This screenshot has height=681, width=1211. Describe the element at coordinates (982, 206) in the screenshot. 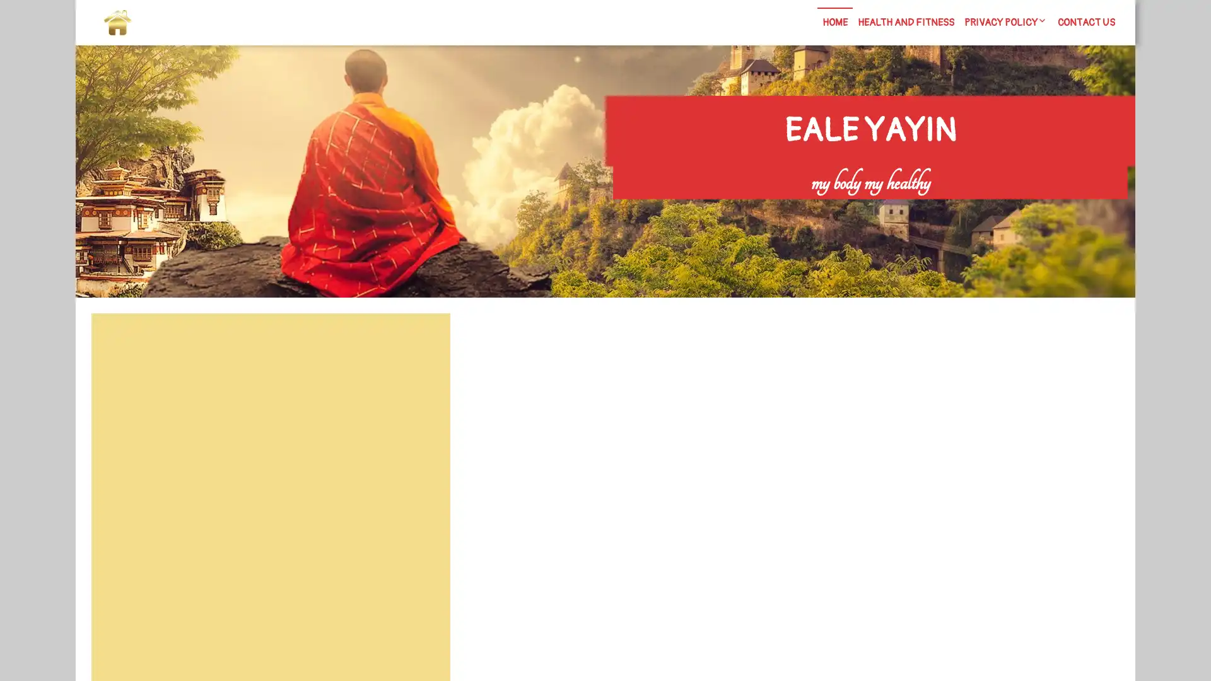

I see `Search` at that location.